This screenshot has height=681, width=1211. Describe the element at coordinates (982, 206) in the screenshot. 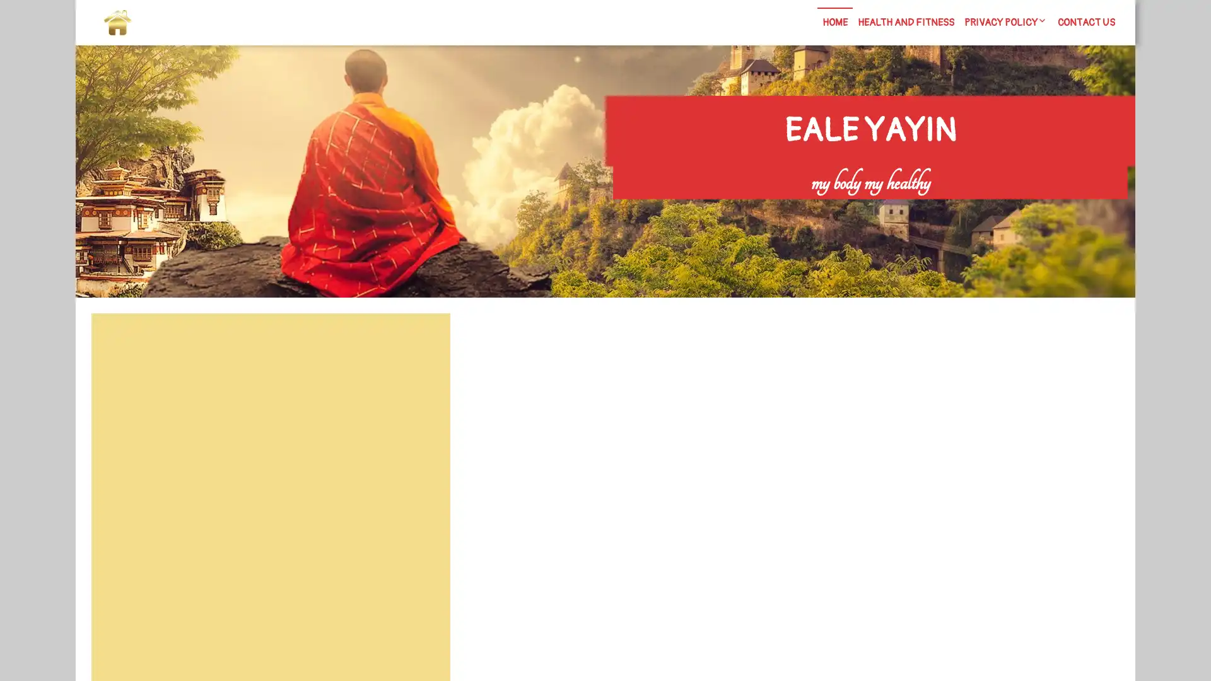

I see `Search` at that location.